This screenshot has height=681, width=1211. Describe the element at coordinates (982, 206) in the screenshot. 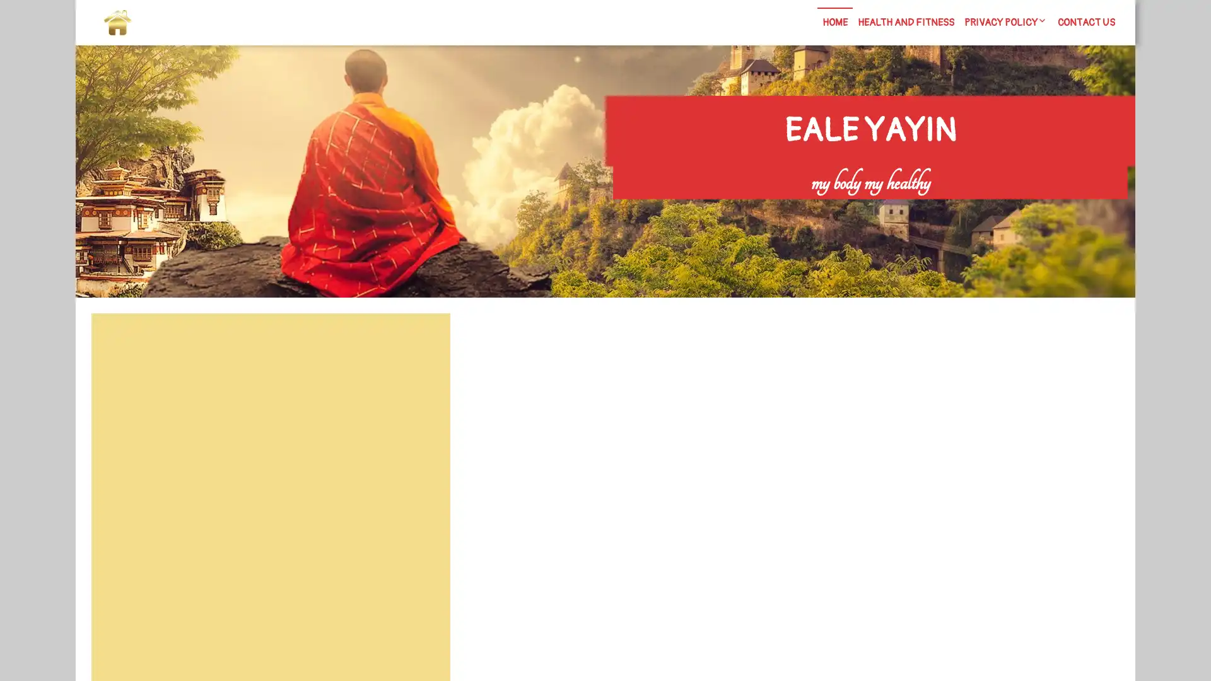

I see `Search` at that location.